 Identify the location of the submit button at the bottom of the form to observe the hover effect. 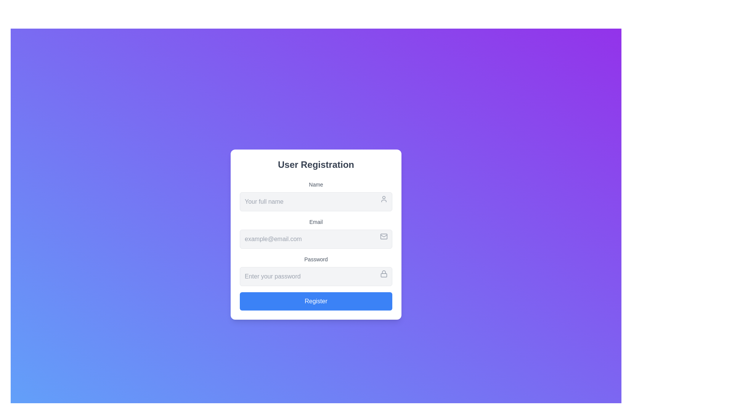
(316, 301).